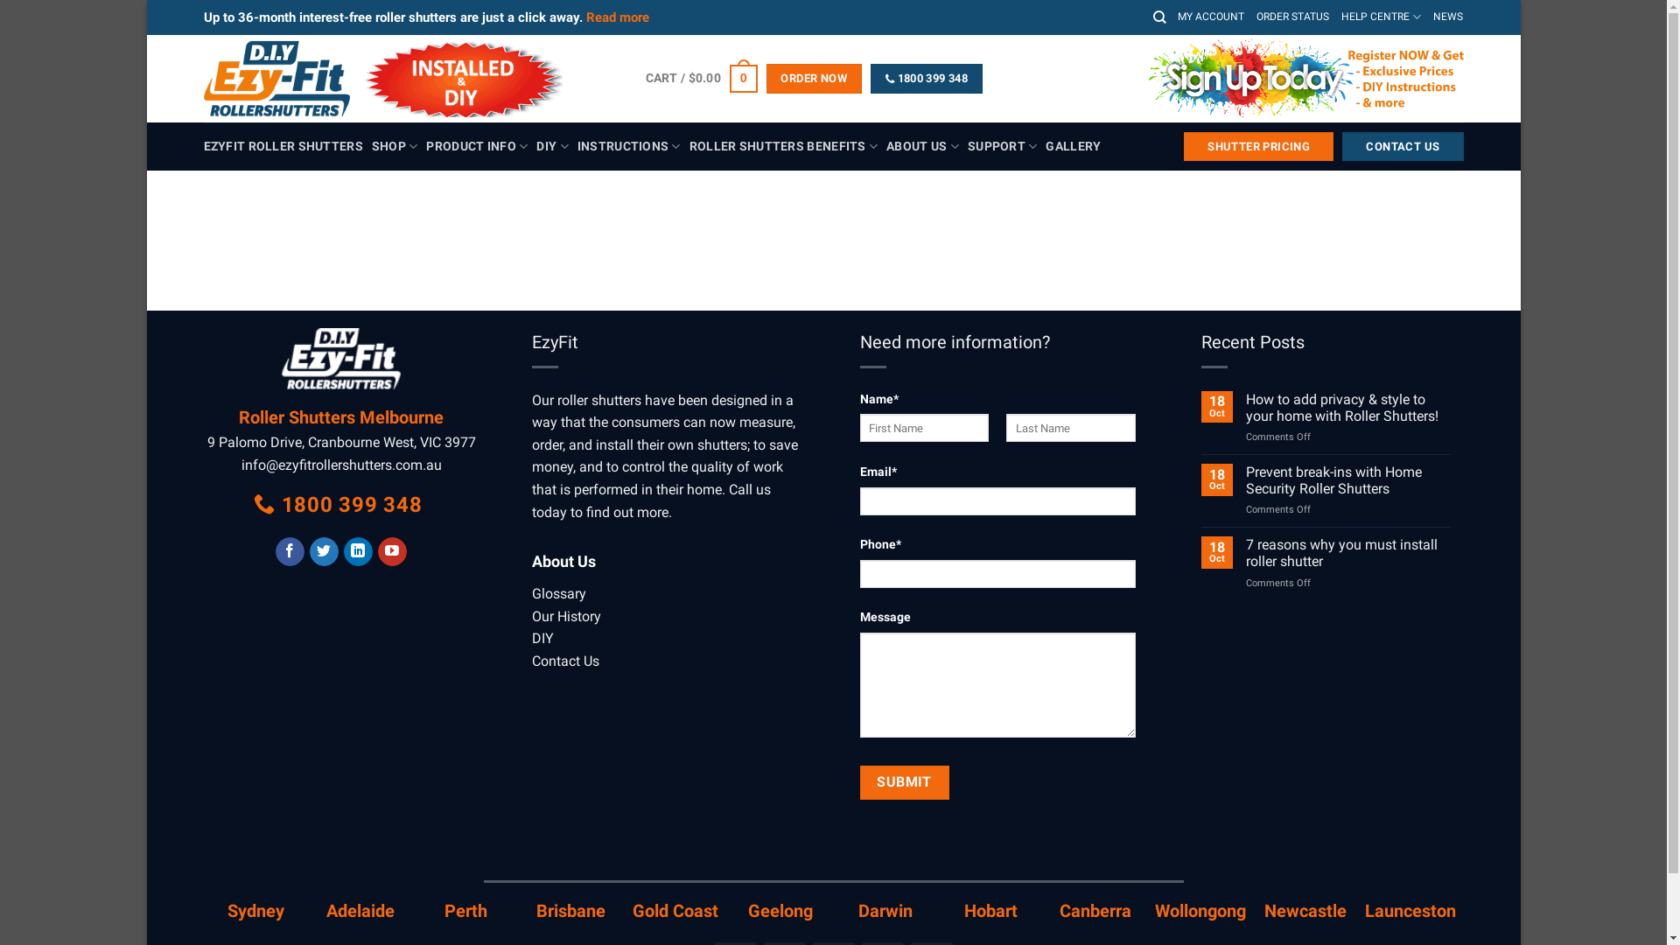 The width and height of the screenshot is (1680, 945). What do you see at coordinates (921, 145) in the screenshot?
I see `'ABOUT US'` at bounding box center [921, 145].